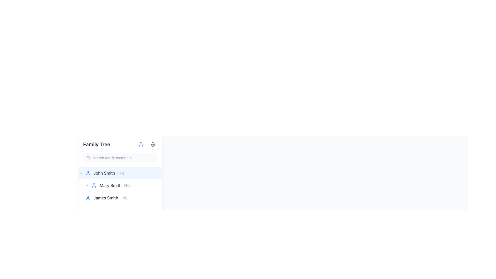 Image resolution: width=496 pixels, height=279 pixels. What do you see at coordinates (152, 144) in the screenshot?
I see `the decorative gear icon of the settings button located at the top-right corner of the left navigation panel` at bounding box center [152, 144].